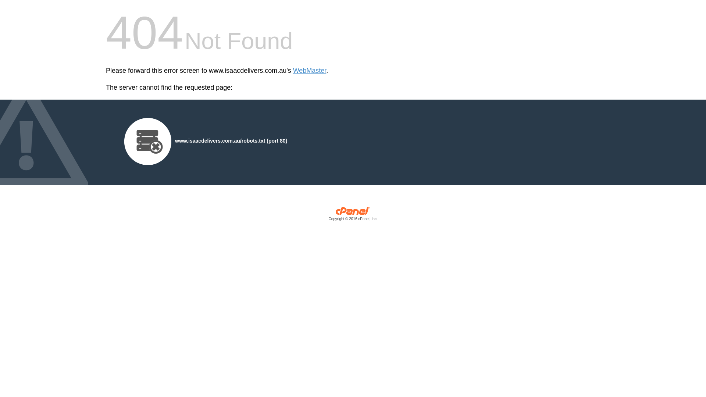 The image size is (706, 397). I want to click on 'WebMaster', so click(310, 71).